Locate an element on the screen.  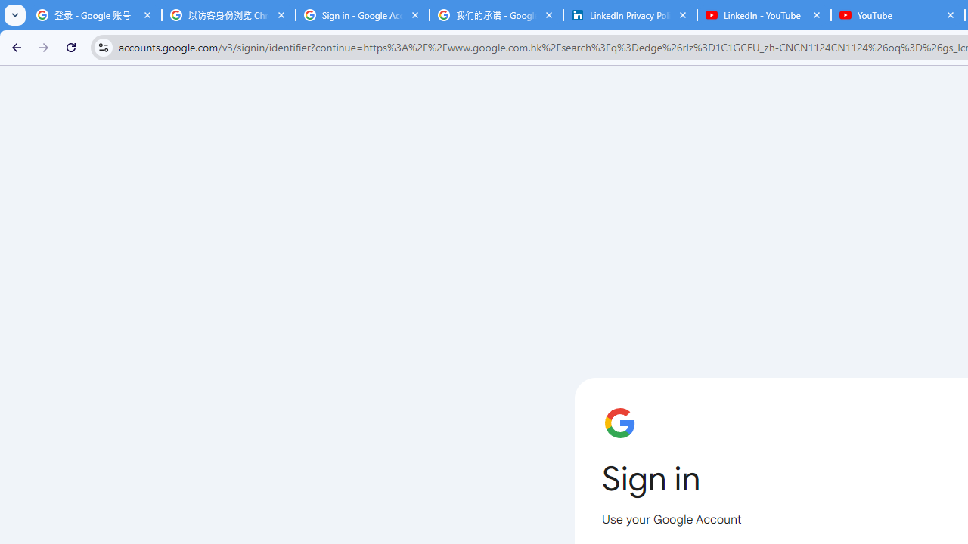
'LinkedIn Privacy Policy' is located at coordinates (630, 15).